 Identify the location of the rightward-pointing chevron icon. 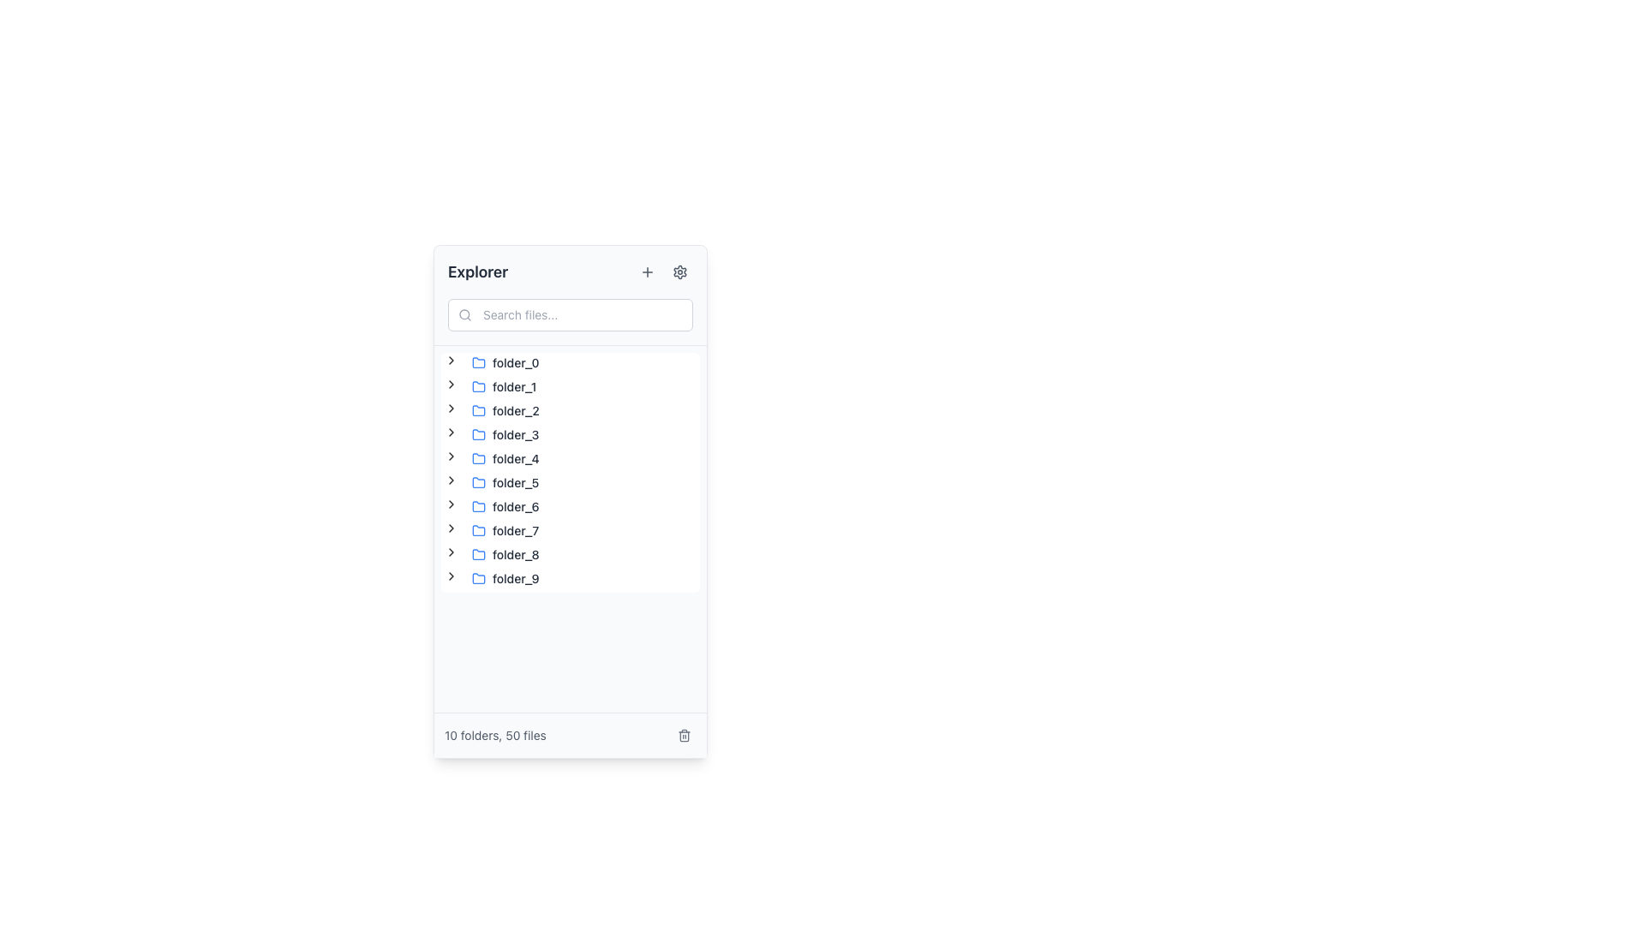
(452, 480).